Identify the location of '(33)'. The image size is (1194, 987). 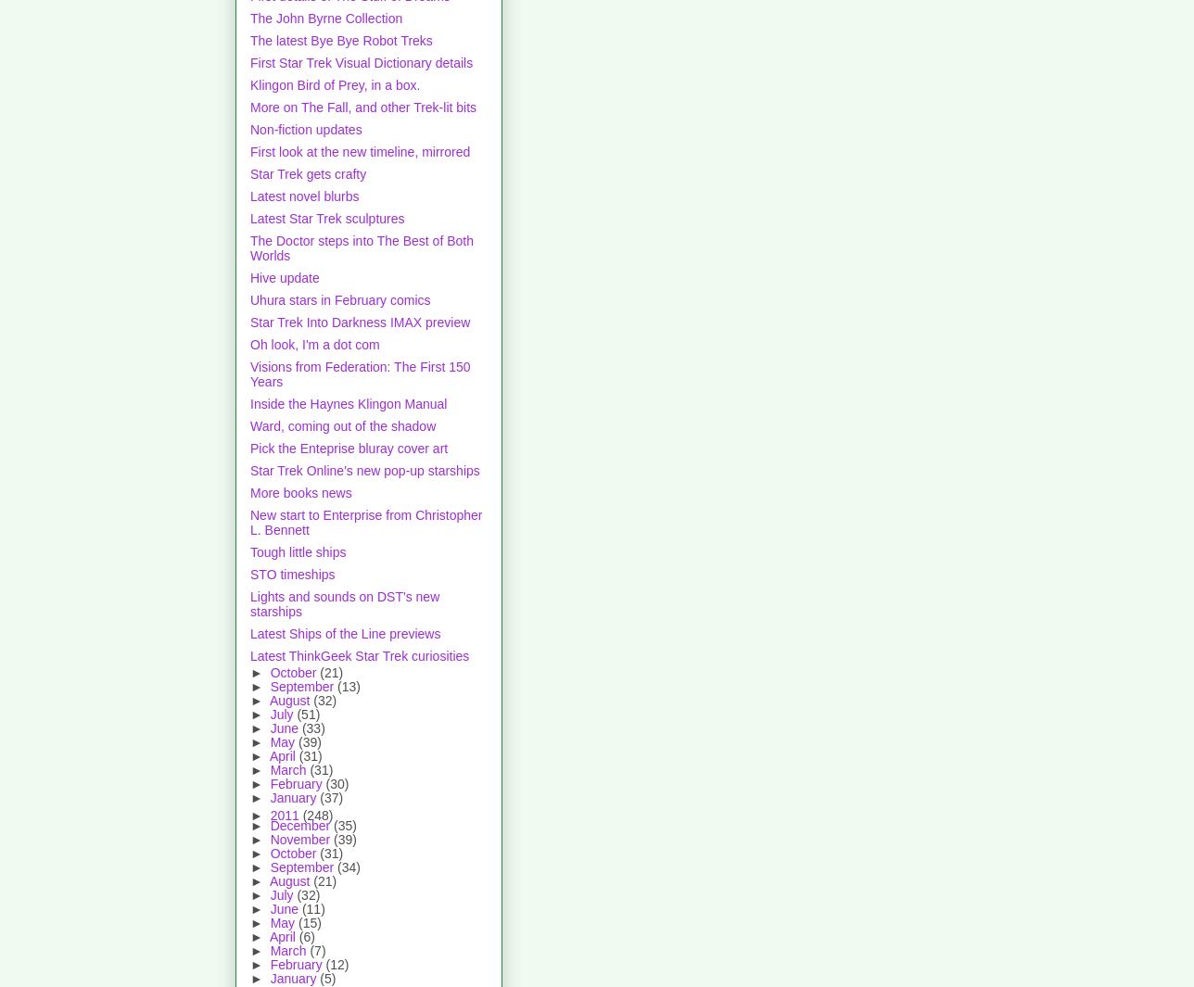
(312, 728).